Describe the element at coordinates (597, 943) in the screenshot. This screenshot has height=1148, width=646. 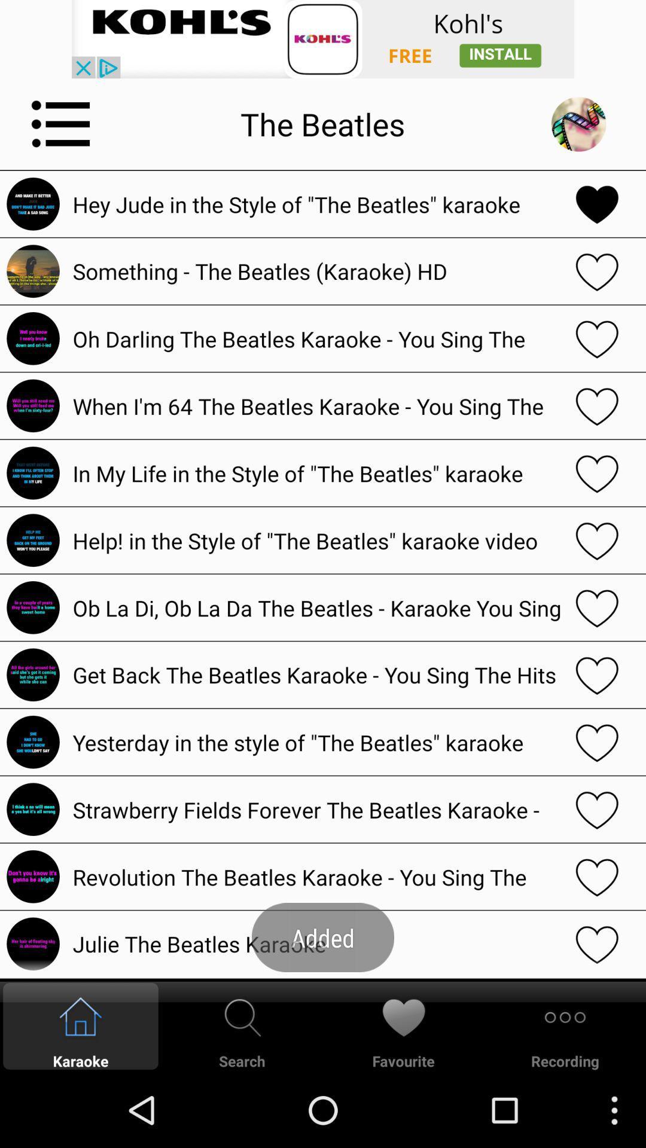
I see `to favorites` at that location.